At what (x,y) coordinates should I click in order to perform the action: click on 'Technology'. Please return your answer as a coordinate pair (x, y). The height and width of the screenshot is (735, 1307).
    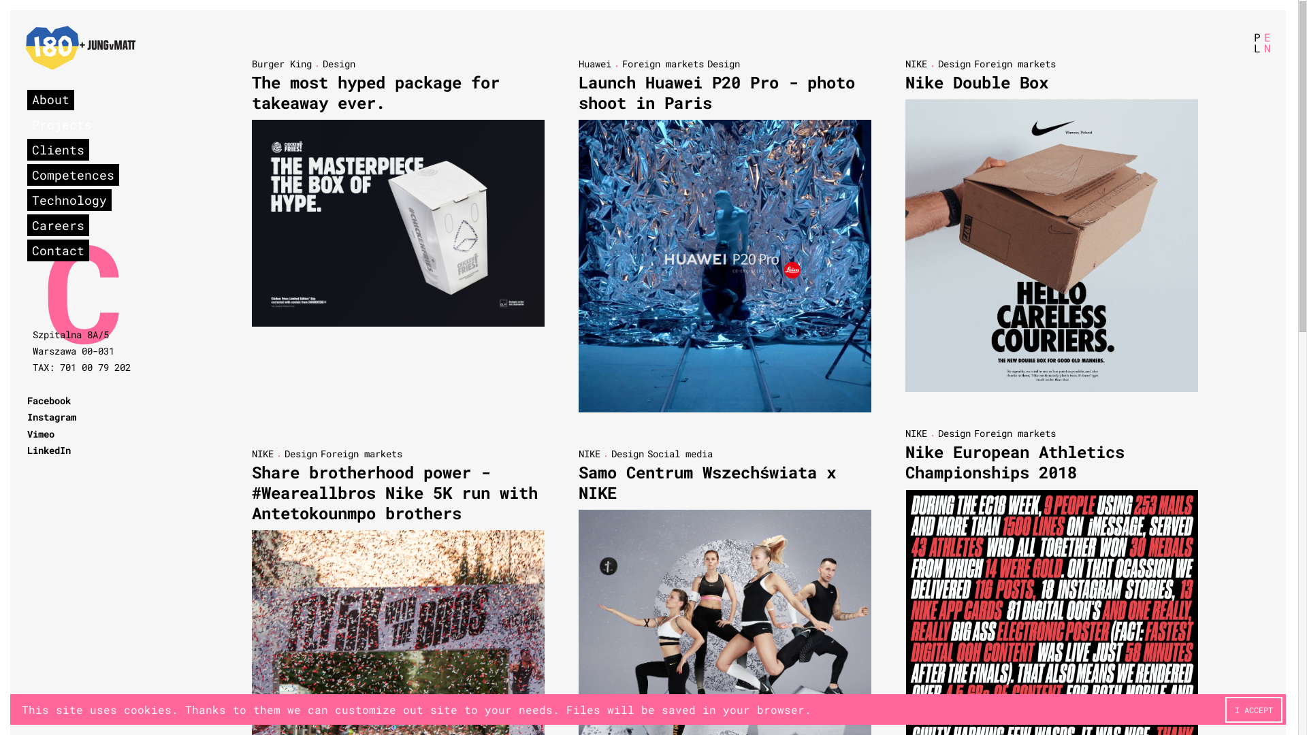
    Looking at the image, I should click on (68, 201).